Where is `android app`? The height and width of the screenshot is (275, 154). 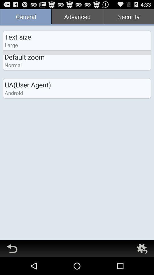
android app is located at coordinates (14, 93).